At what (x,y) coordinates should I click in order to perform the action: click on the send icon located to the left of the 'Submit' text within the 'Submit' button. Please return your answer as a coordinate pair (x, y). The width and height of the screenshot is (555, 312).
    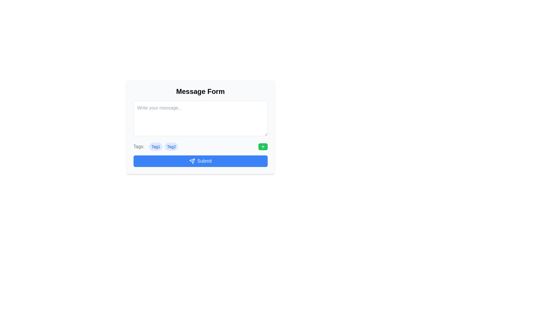
    Looking at the image, I should click on (192, 161).